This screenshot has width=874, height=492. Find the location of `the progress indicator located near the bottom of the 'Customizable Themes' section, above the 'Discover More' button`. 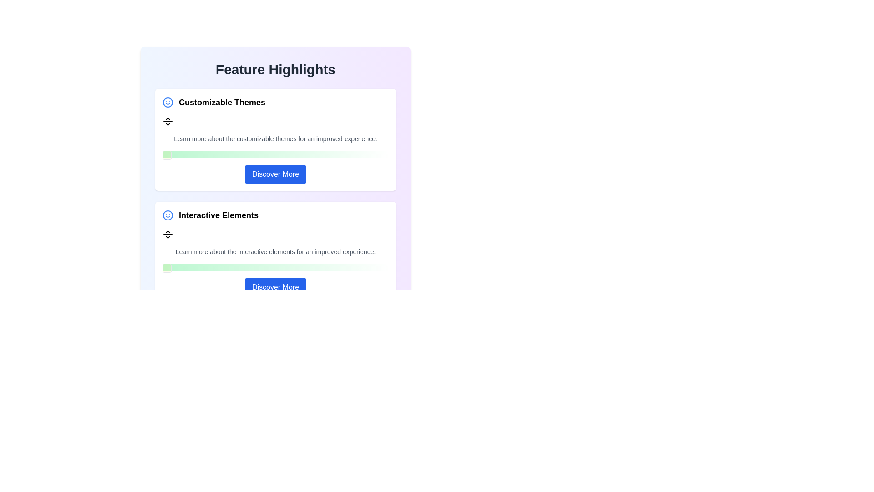

the progress indicator located near the bottom of the 'Customizable Themes' section, above the 'Discover More' button is located at coordinates (167, 154).